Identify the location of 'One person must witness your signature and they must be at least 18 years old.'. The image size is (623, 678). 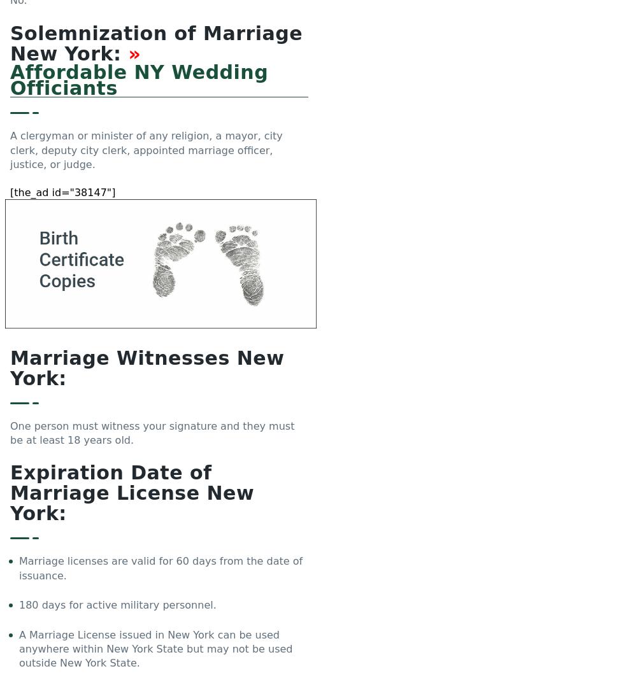
(152, 433).